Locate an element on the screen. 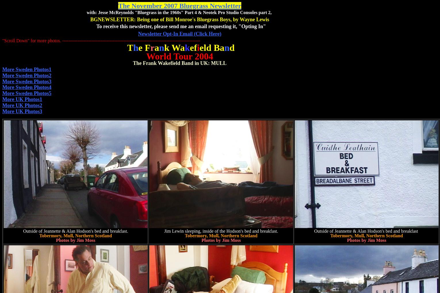  'd' is located at coordinates (232, 47).